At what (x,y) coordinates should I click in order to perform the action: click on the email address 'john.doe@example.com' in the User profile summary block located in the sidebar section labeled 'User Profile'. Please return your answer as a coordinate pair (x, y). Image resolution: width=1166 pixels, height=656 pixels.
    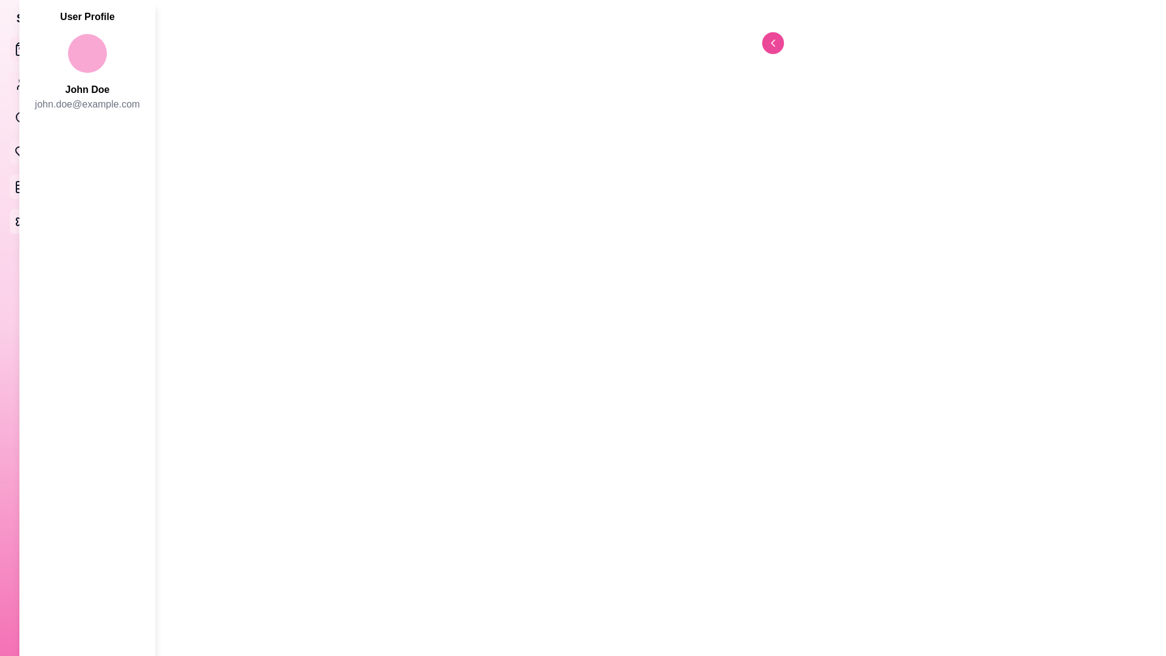
    Looking at the image, I should click on (87, 77).